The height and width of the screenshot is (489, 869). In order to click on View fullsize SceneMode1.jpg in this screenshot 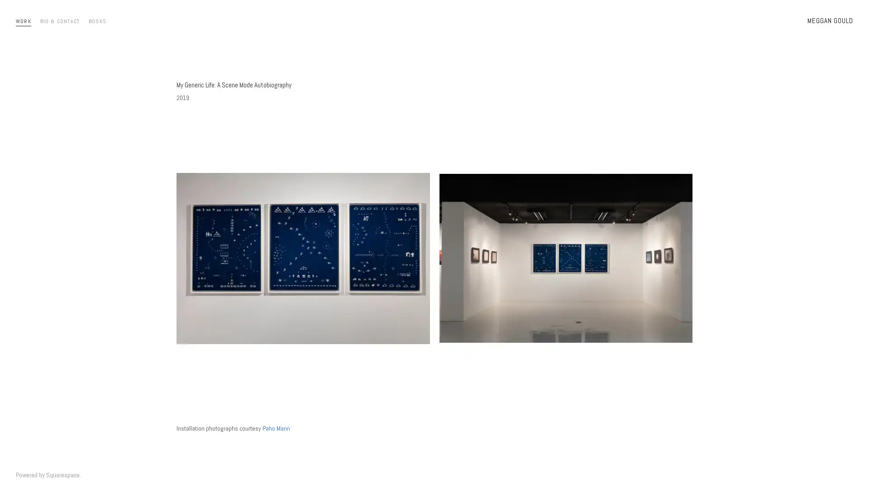, I will do `click(303, 258)`.